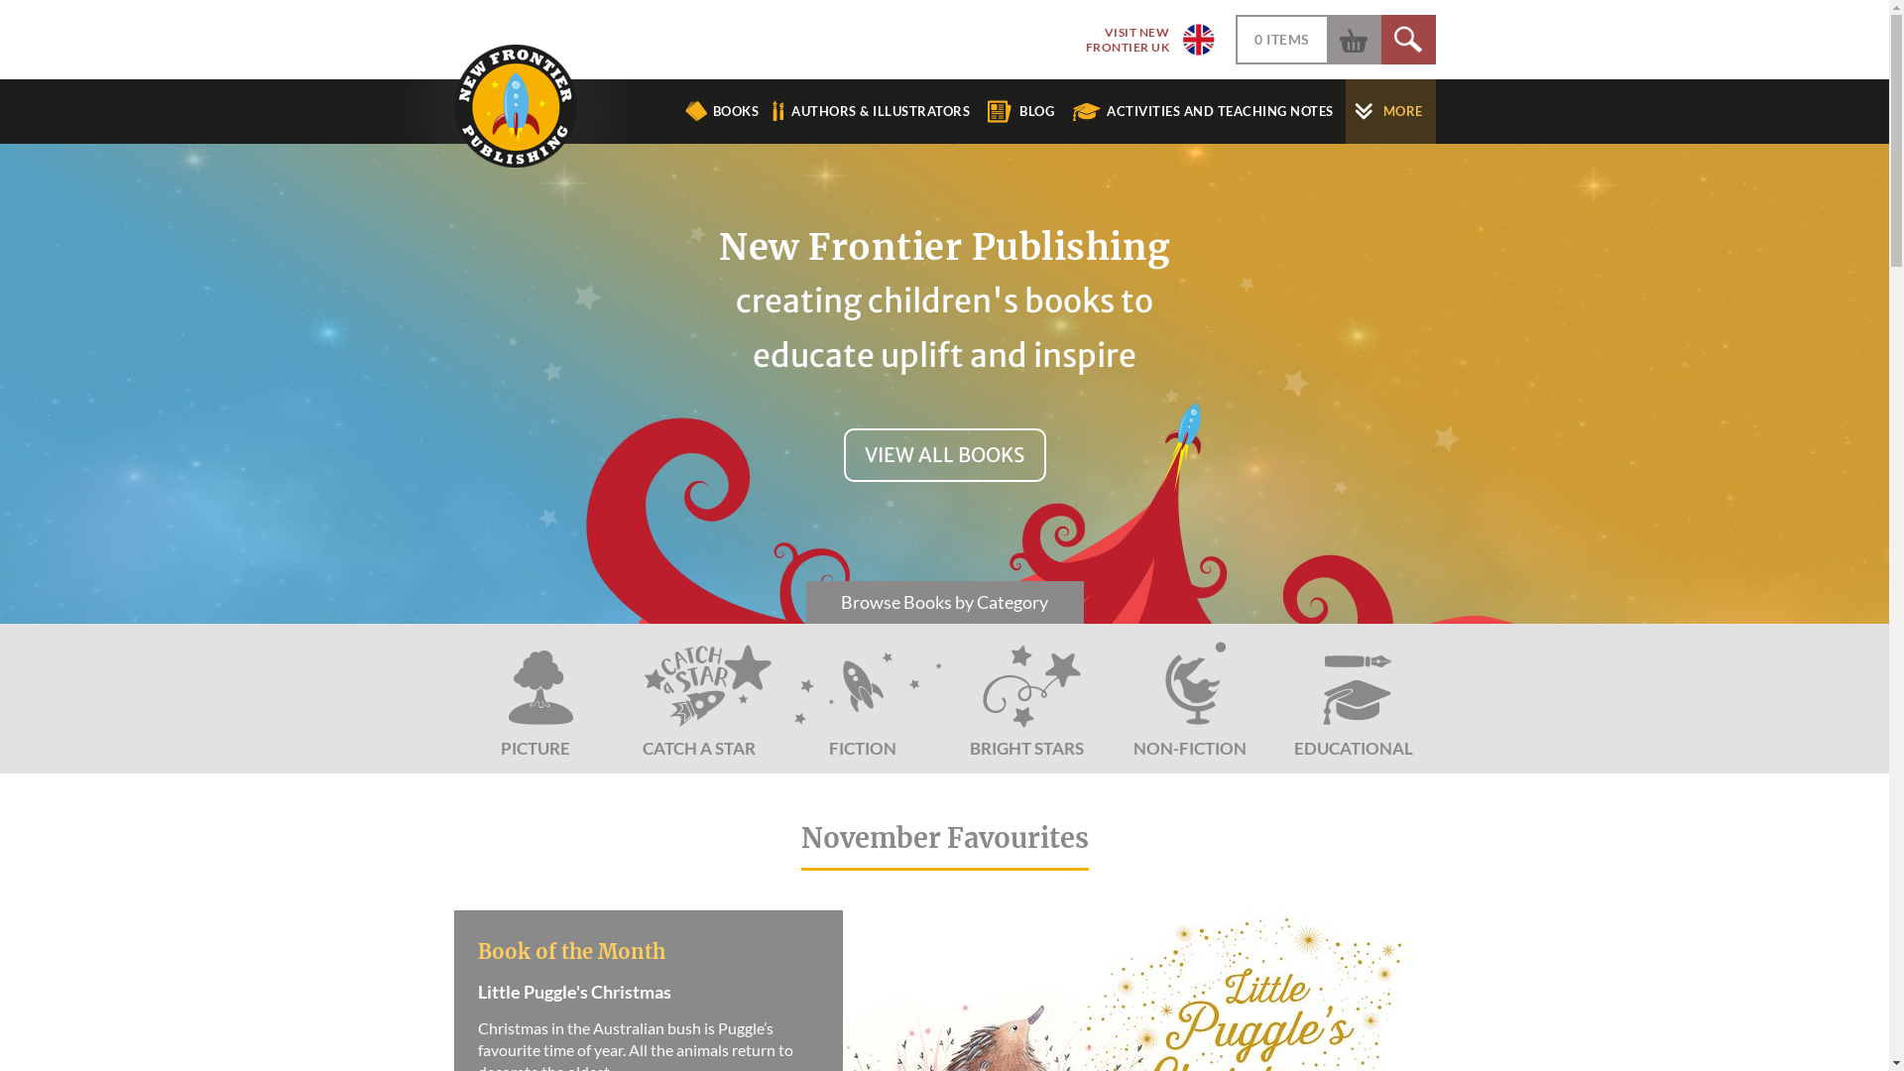 The height and width of the screenshot is (1071, 1904). I want to click on 'AUTHORS & ILLUSTRATORS', so click(873, 111).